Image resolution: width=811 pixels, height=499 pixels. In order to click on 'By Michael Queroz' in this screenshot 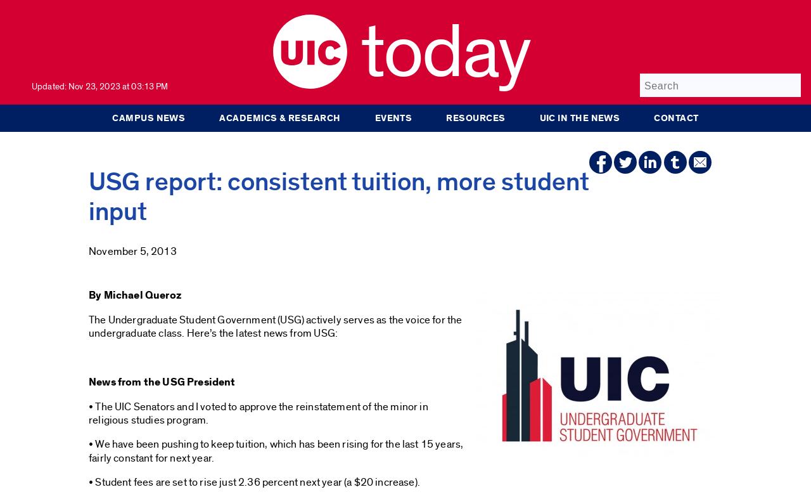, I will do `click(134, 295)`.